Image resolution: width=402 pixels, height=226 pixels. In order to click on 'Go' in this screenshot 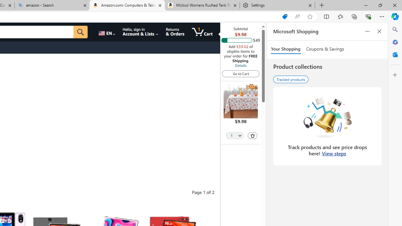, I will do `click(80, 32)`.